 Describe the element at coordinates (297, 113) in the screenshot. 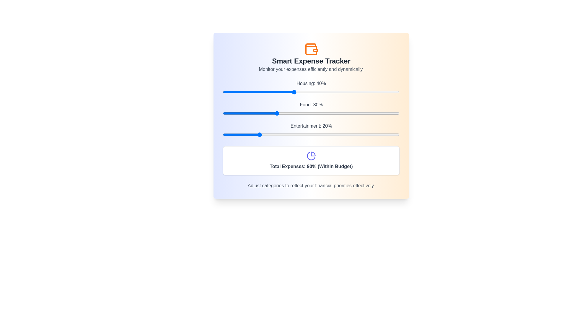

I see `the Food slider to set its value to 42%` at that location.